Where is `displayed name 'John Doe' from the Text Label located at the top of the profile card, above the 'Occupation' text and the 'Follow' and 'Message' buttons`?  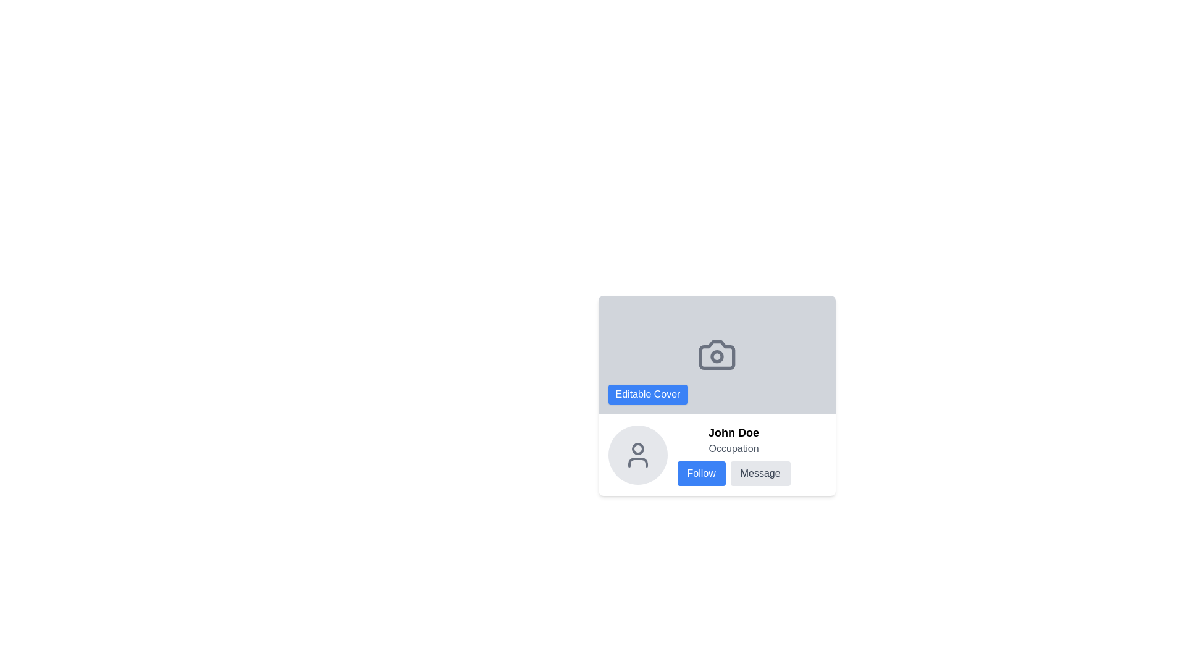 displayed name 'John Doe' from the Text Label located at the top of the profile card, above the 'Occupation' text and the 'Follow' and 'Message' buttons is located at coordinates (734, 432).